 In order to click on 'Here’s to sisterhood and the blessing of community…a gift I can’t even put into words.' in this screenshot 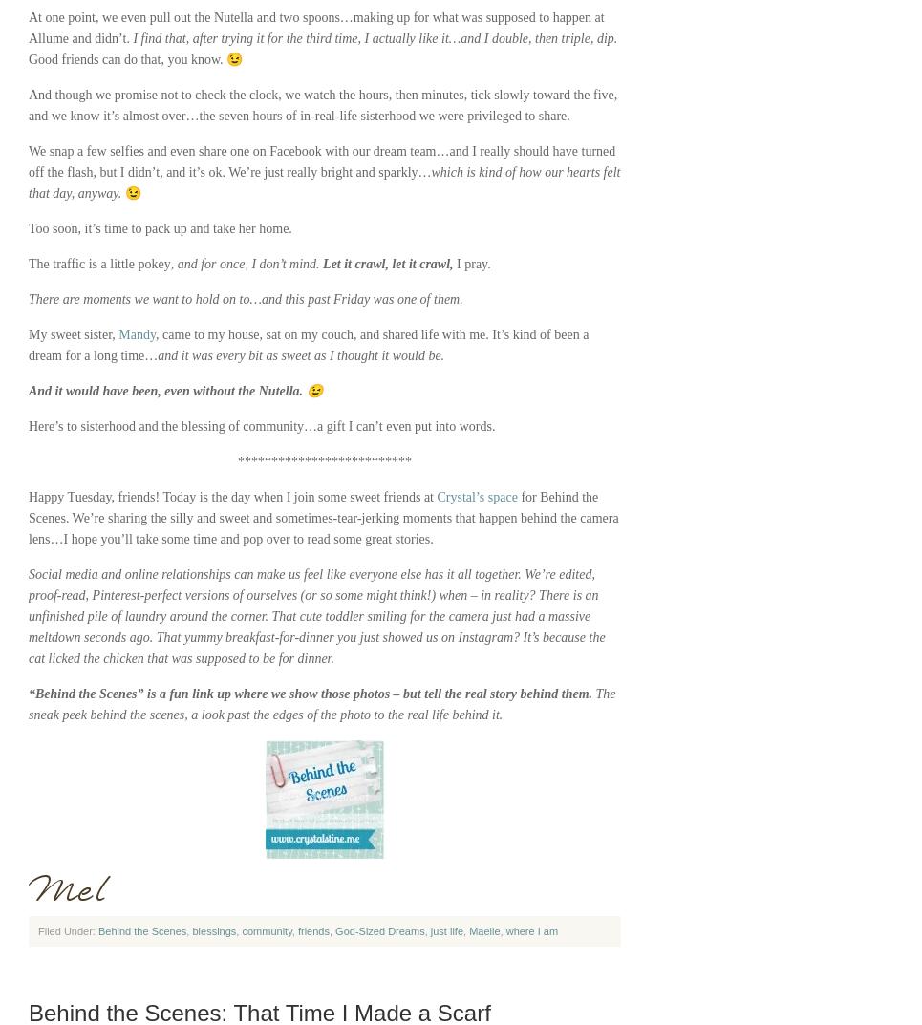, I will do `click(261, 426)`.